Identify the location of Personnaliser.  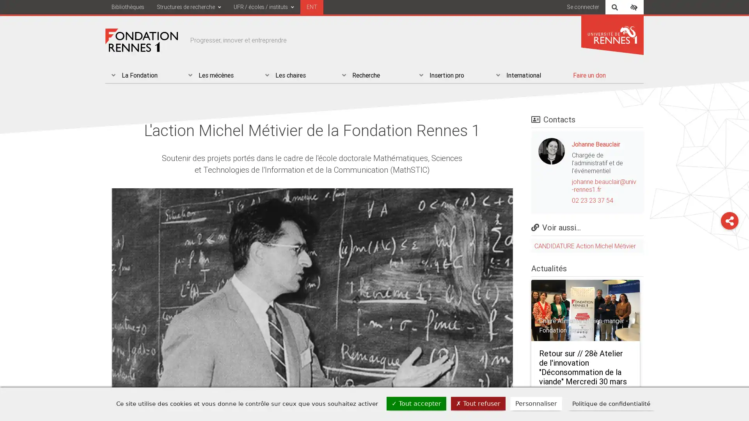
(536, 403).